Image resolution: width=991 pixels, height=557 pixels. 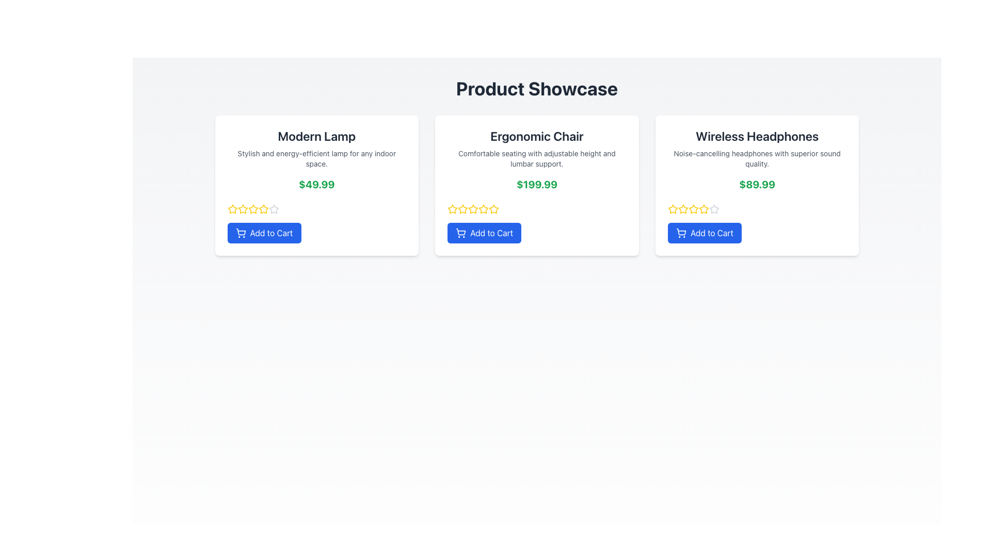 I want to click on the fourth interactive rating star icon, so click(x=253, y=209).